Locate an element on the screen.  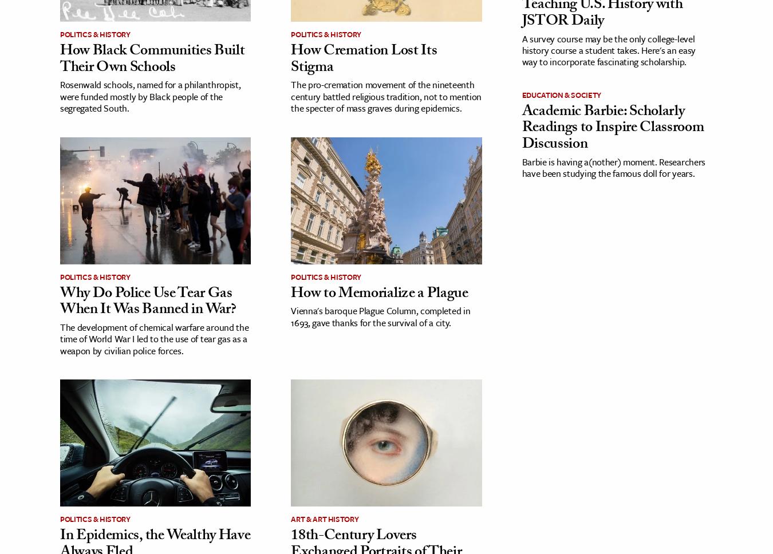
'The development of chemical warfare around the time of World War I led to the use of tear gas as a weapon by civilian police forces.' is located at coordinates (60, 338).